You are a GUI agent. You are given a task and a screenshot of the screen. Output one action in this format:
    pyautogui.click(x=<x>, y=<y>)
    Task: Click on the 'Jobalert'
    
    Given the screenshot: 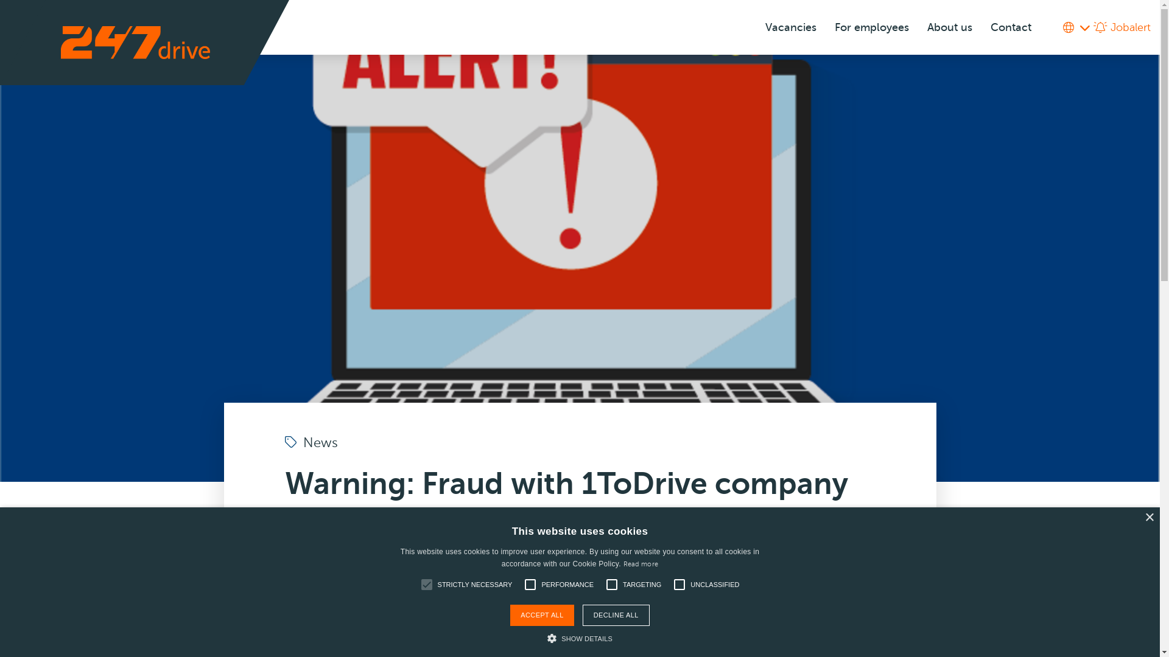 What is the action you would take?
    pyautogui.click(x=1122, y=27)
    